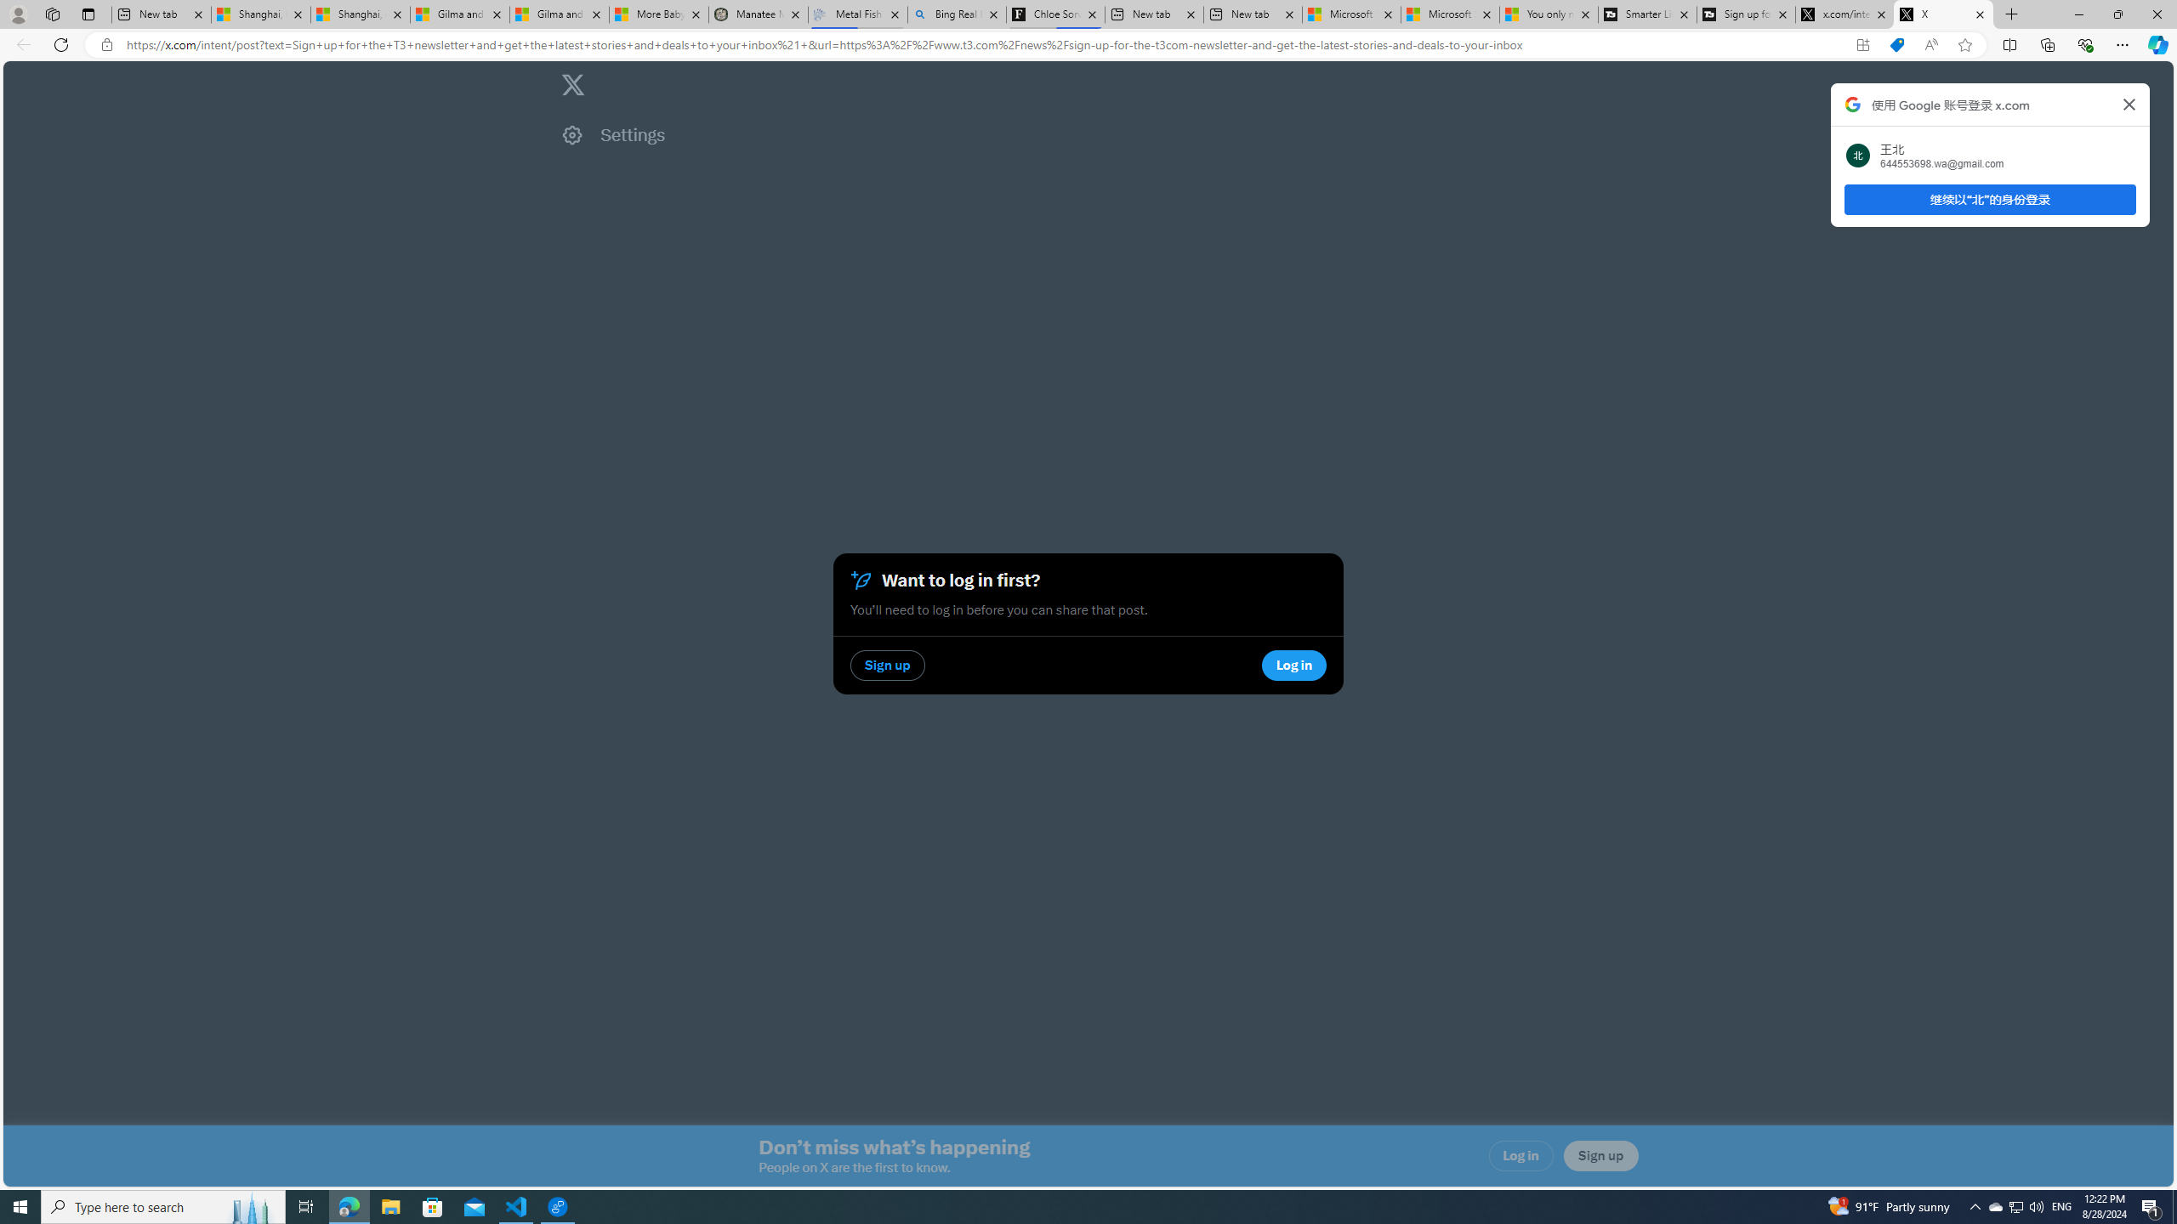  Describe the element at coordinates (1862, 45) in the screenshot. I see `'App available. Install X'` at that location.